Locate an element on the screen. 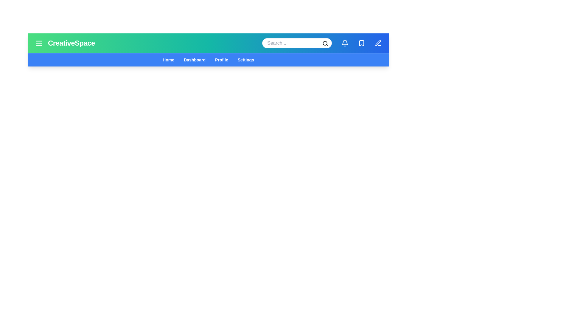  the navigation menu item Profile is located at coordinates (221, 60).